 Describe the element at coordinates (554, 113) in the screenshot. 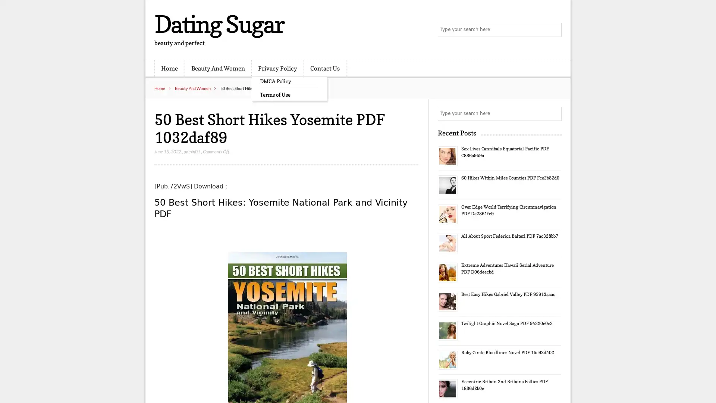

I see `Search` at that location.